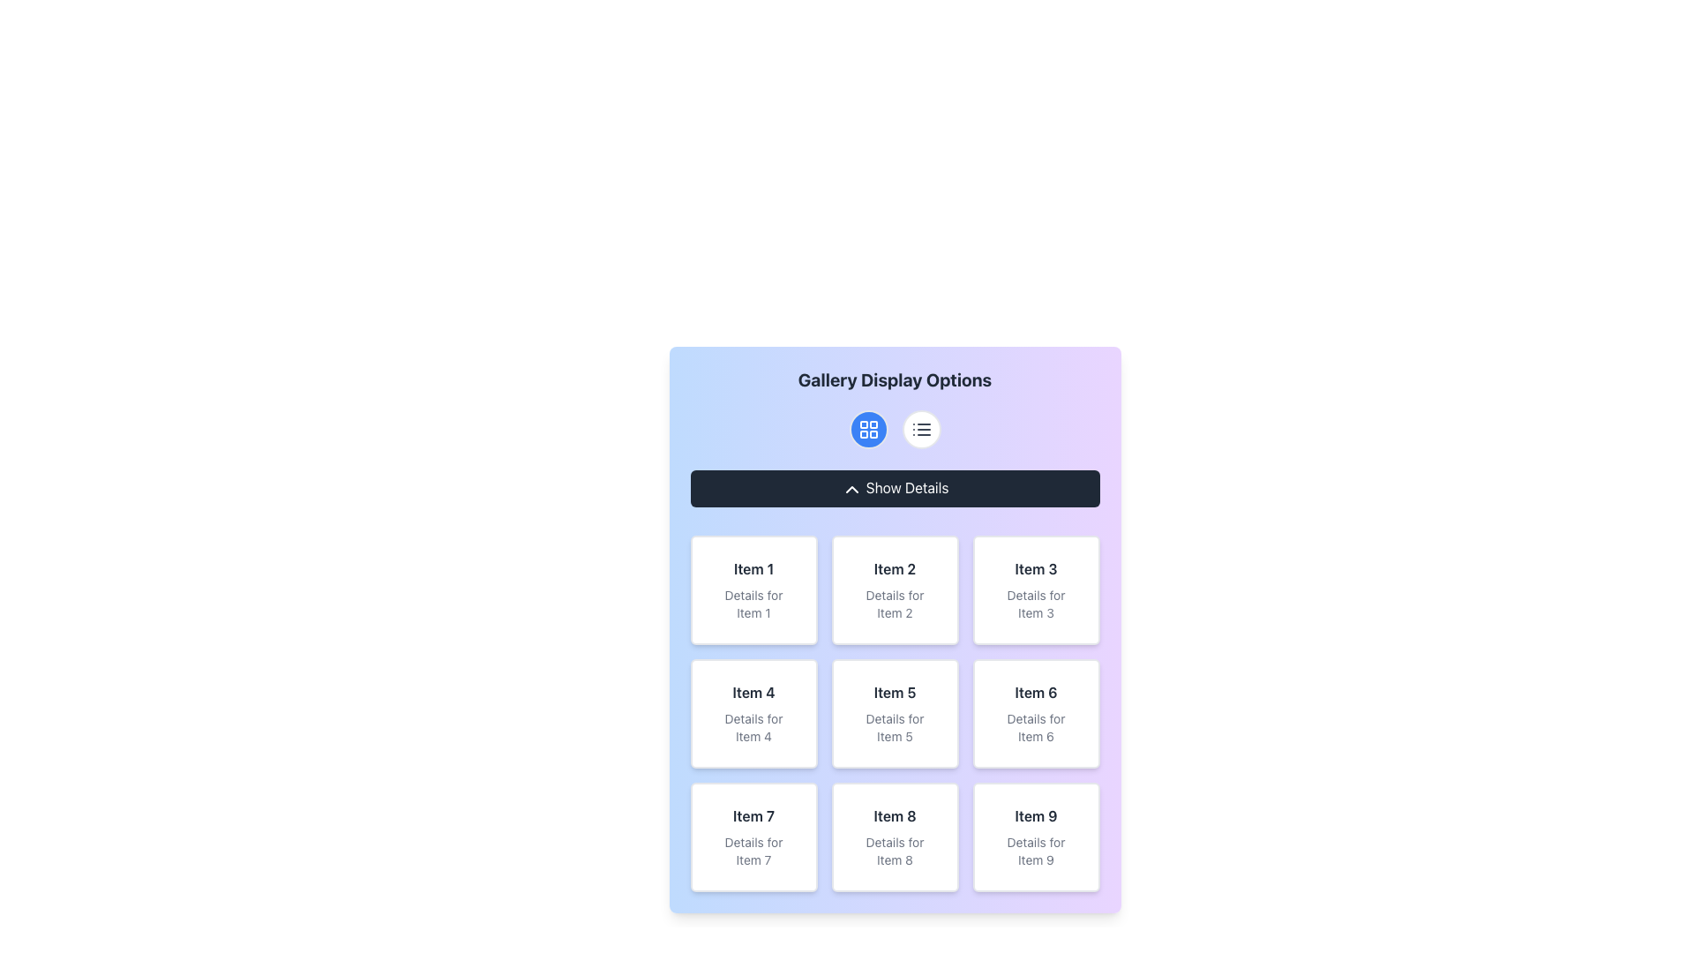 The width and height of the screenshot is (1694, 953). Describe the element at coordinates (895, 589) in the screenshot. I see `the informational card displaying details related to 'Item 2', which is positioned in the top-middle of the grid layout, to potentially interact with adjacent elements` at that location.